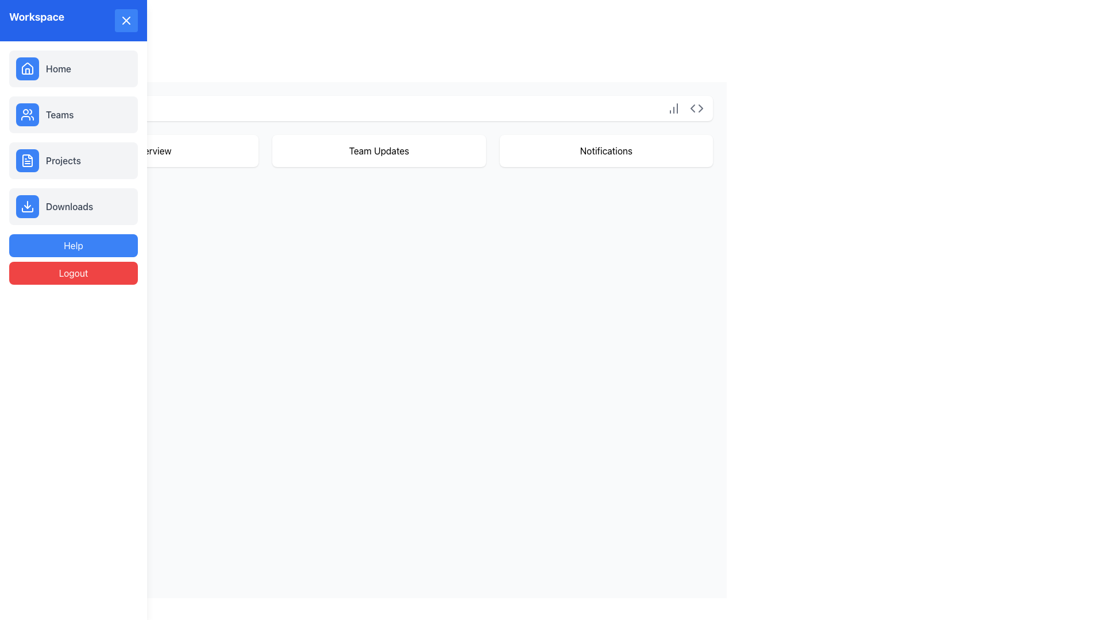 The image size is (1103, 620). I want to click on the help button located in the left sidebar panel above the 'Logout' button to invoke the associated action, so click(73, 245).